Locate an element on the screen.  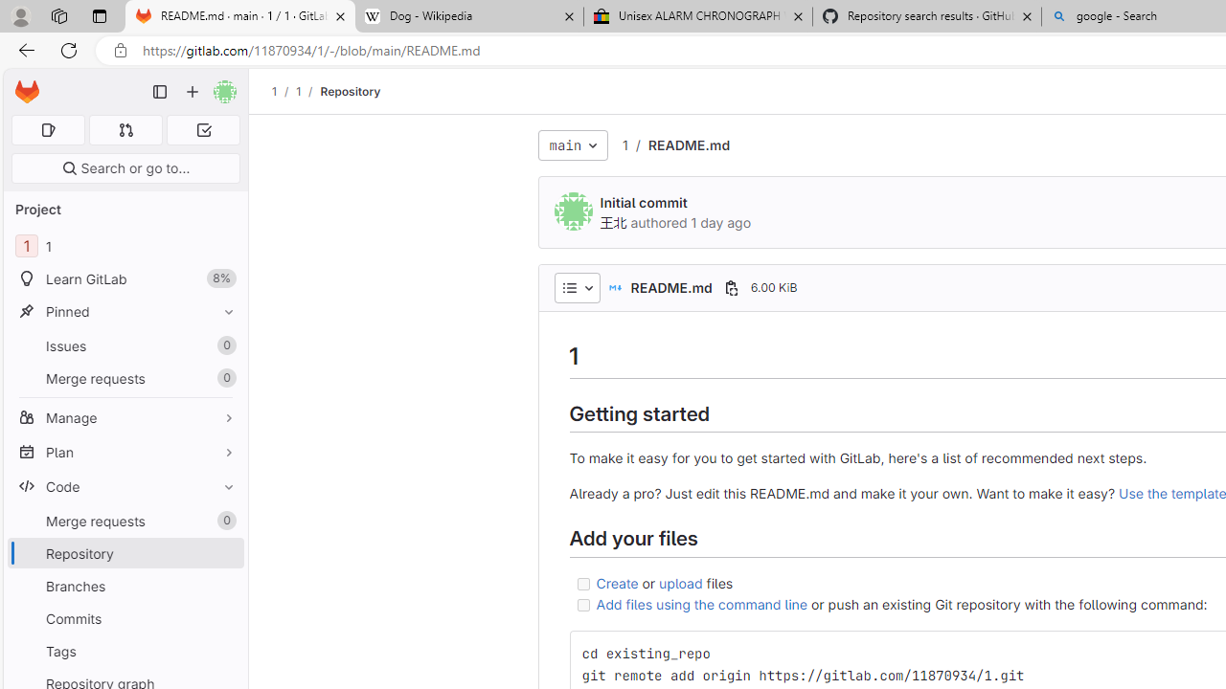
'upload' is located at coordinates (681, 581).